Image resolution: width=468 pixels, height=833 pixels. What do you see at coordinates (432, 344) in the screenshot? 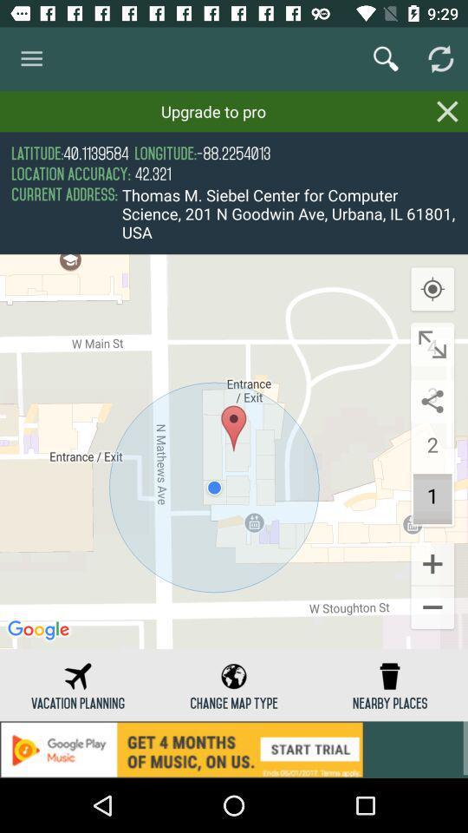
I see `the fullscreen icon` at bounding box center [432, 344].